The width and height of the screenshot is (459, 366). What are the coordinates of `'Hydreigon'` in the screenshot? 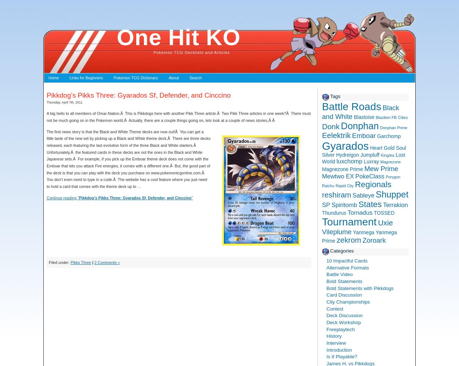 It's located at (336, 155).